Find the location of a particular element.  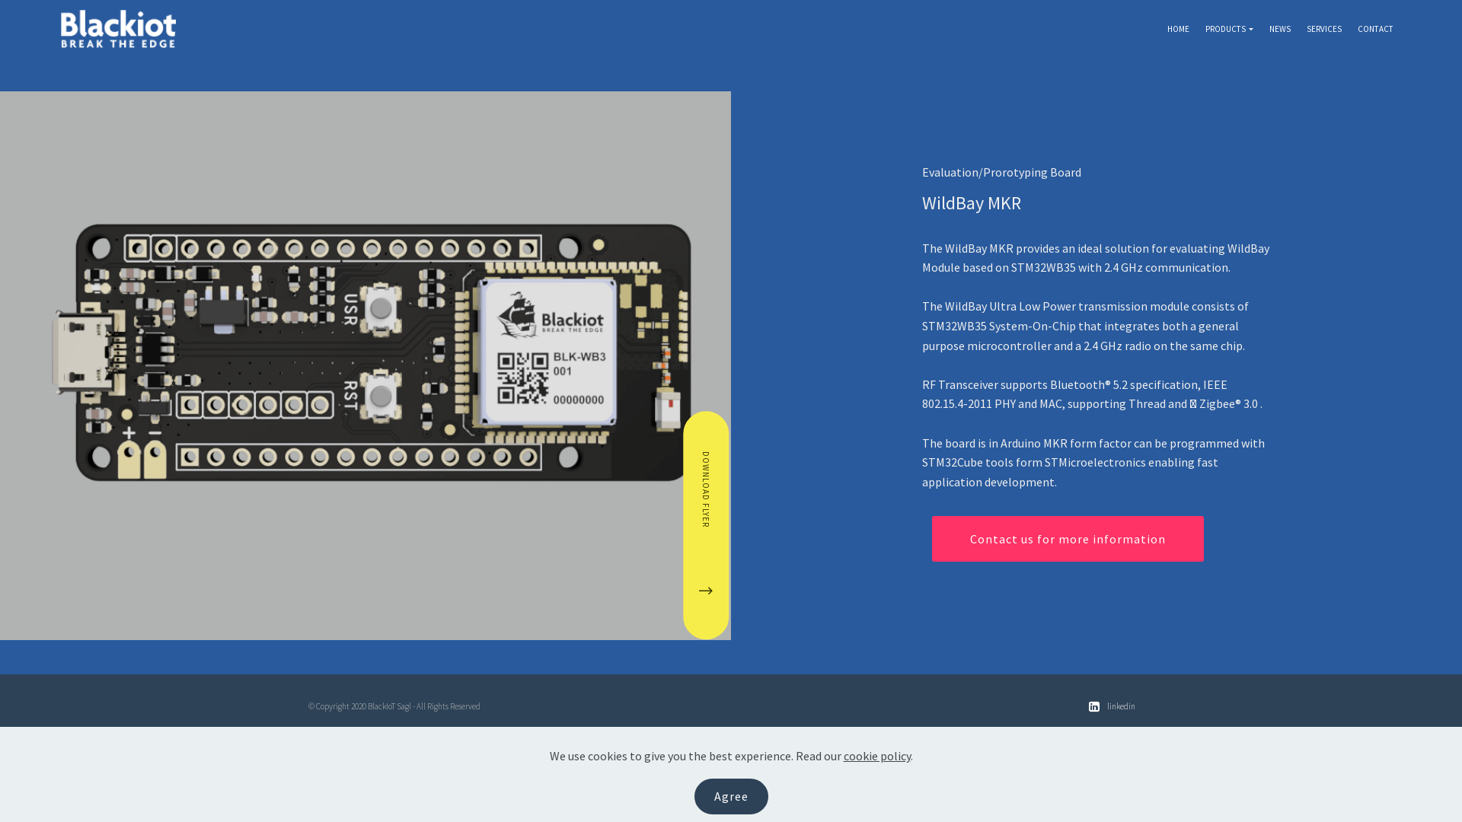

'HOME' is located at coordinates (1166, 29).